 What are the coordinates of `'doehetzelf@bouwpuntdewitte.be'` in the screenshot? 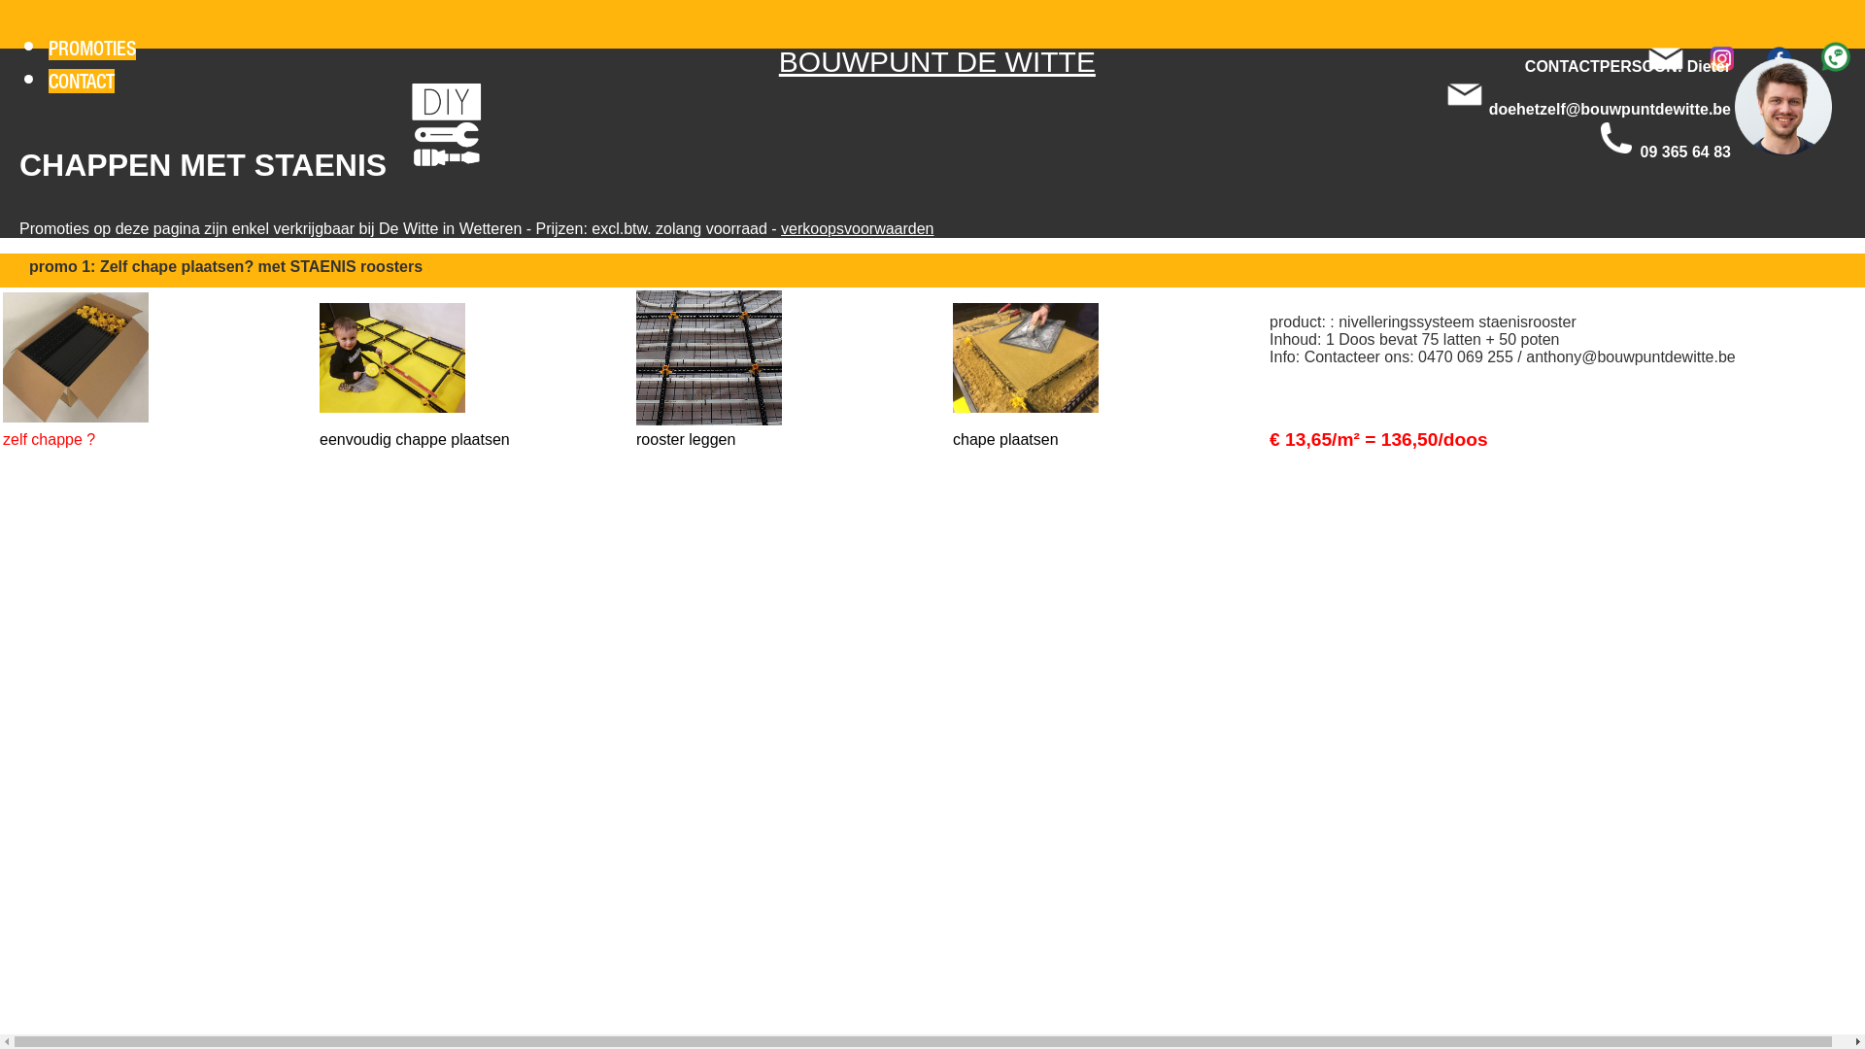 It's located at (1610, 109).